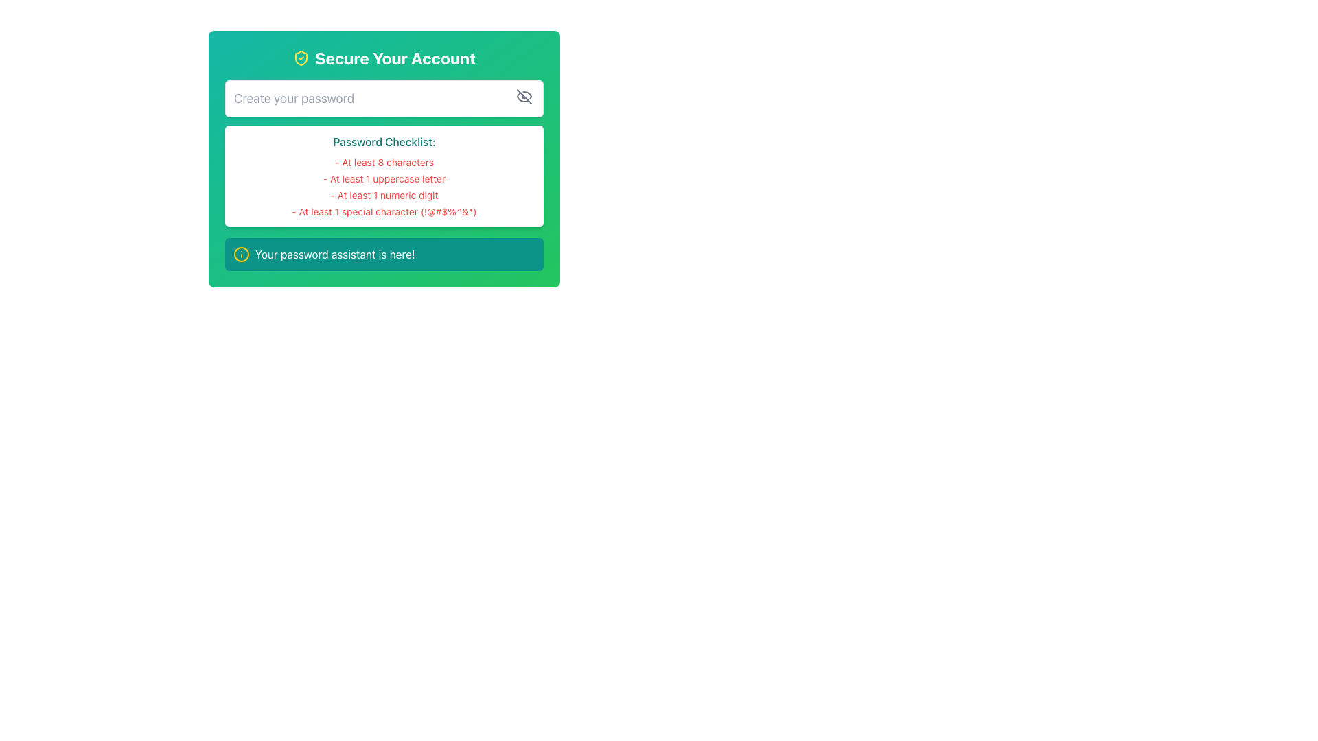 The width and height of the screenshot is (1318, 741). What do you see at coordinates (384, 211) in the screenshot?
I see `the fourth text label in the password checklist that requires at least 1 special character` at bounding box center [384, 211].